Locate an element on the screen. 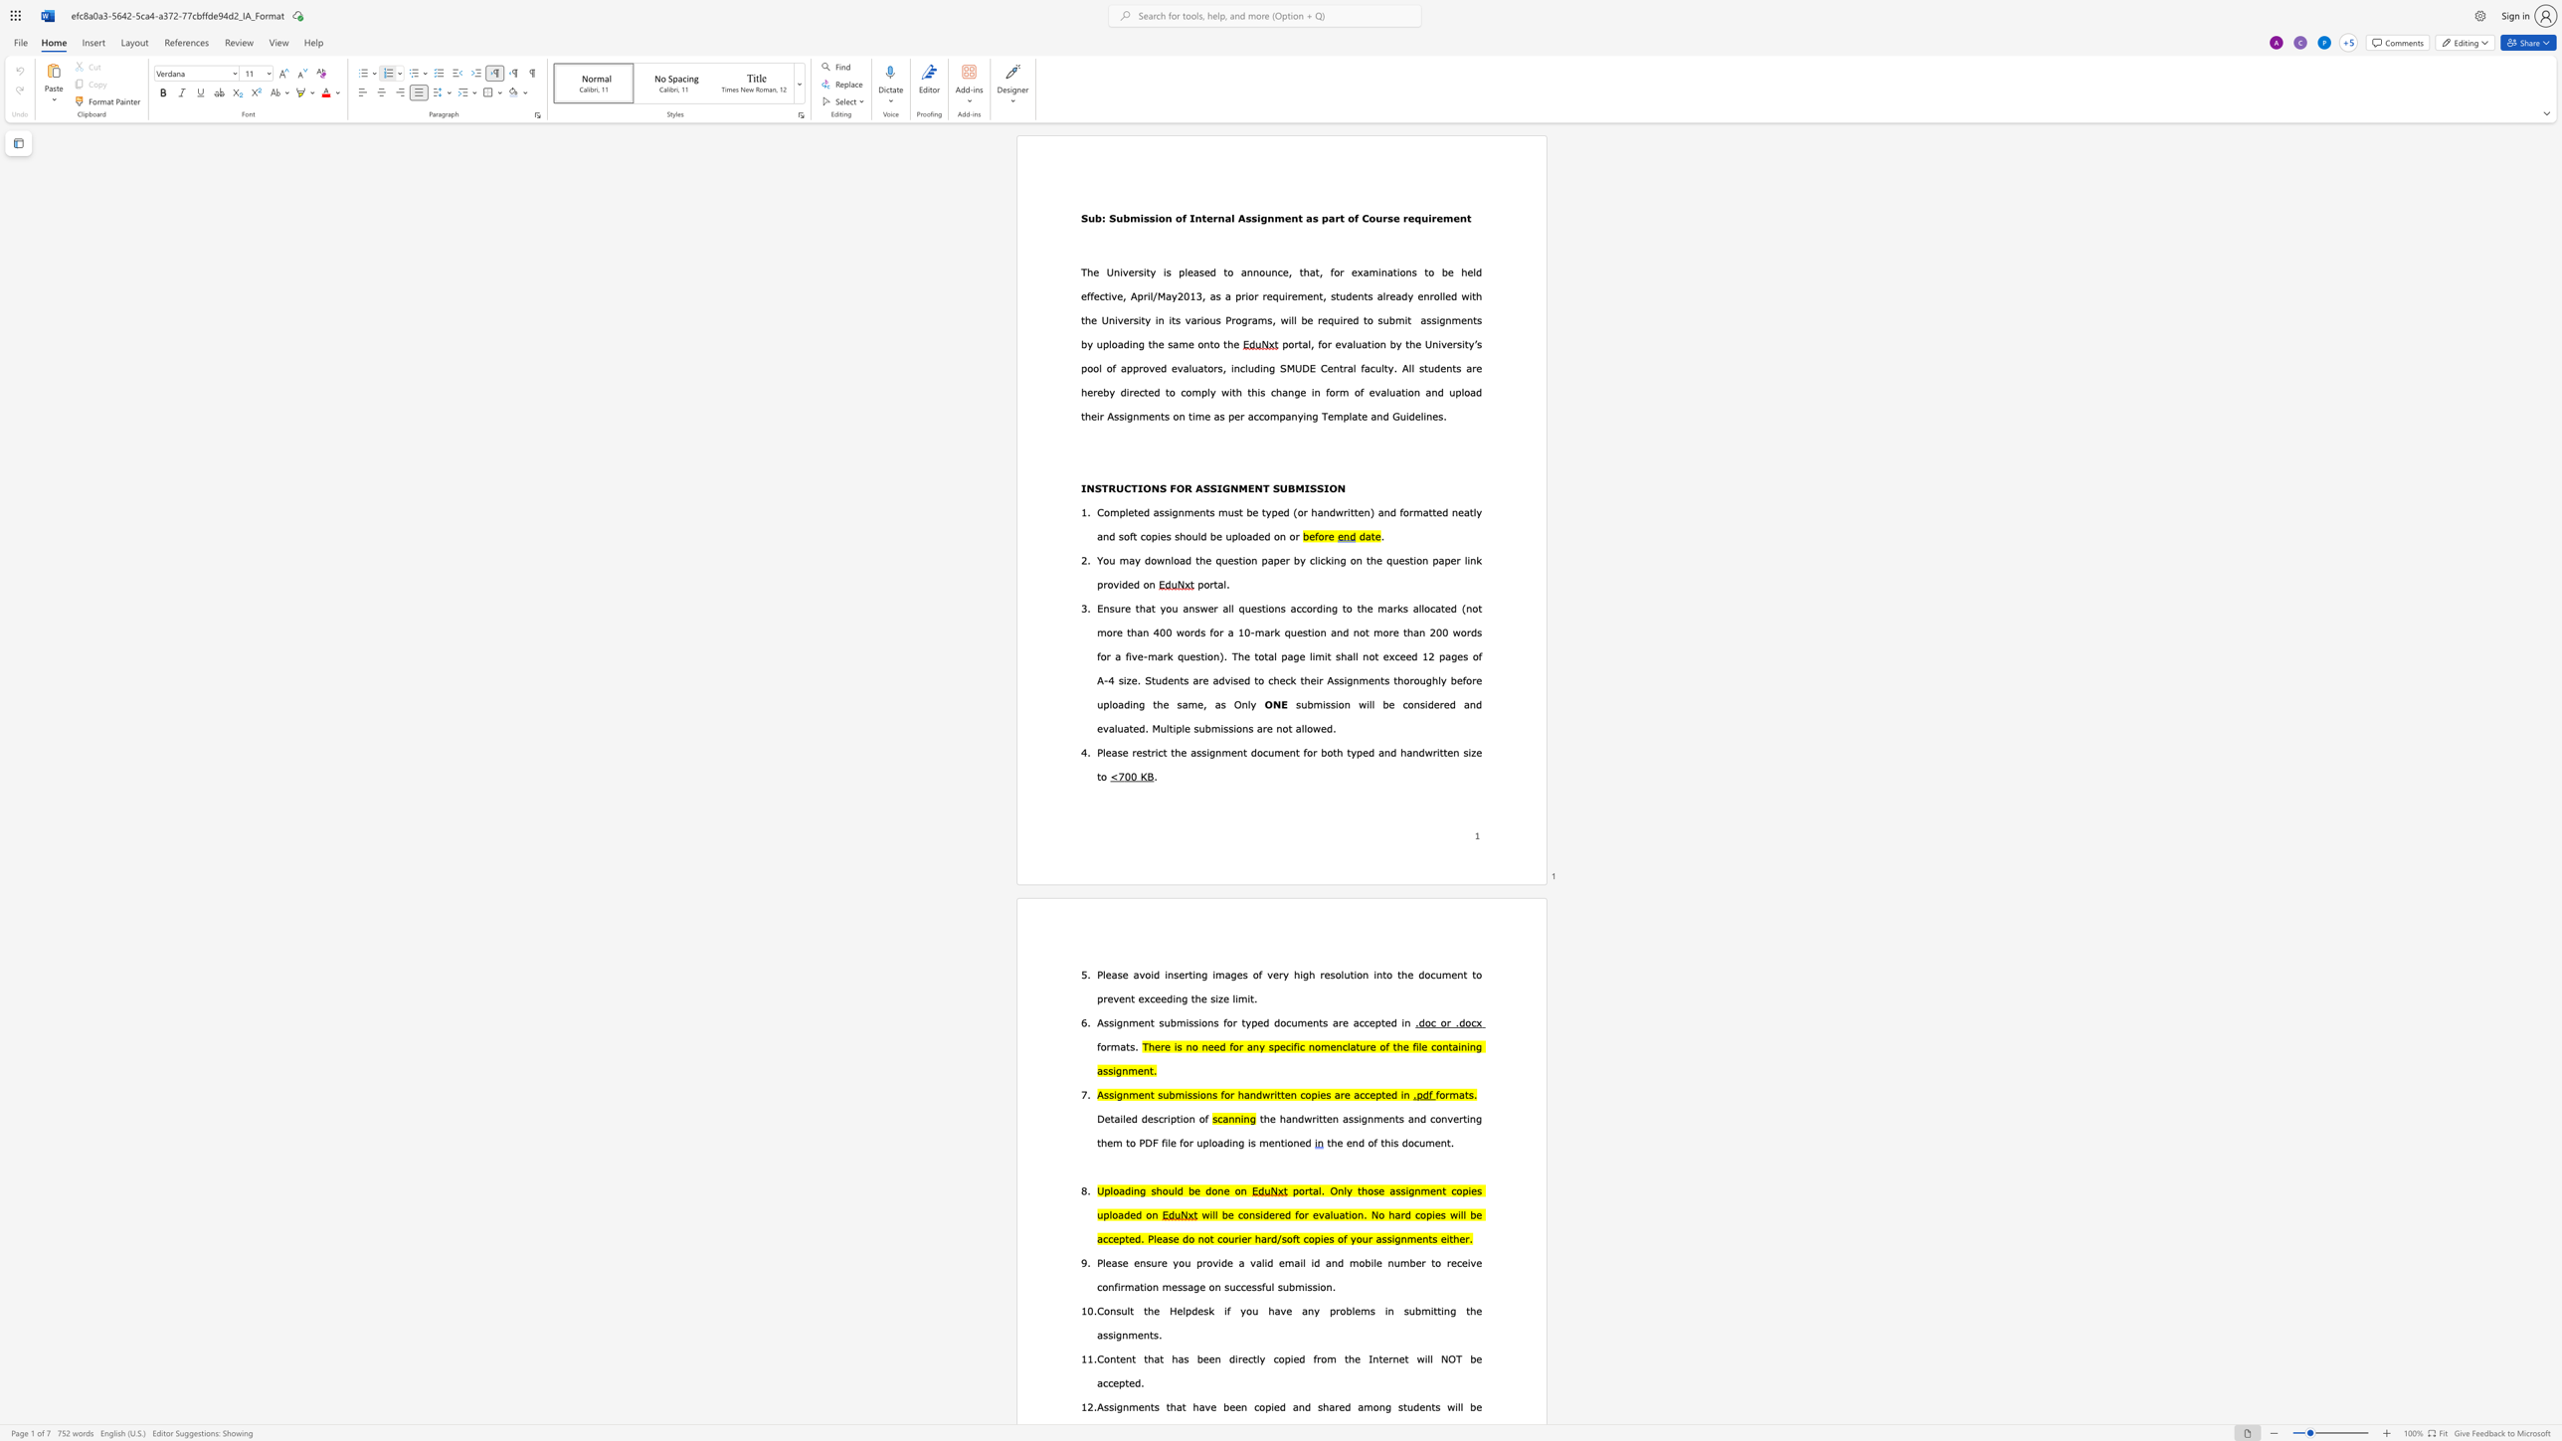 The height and width of the screenshot is (1441, 2562). the 2th character "e" in the text is located at coordinates (1124, 1262).